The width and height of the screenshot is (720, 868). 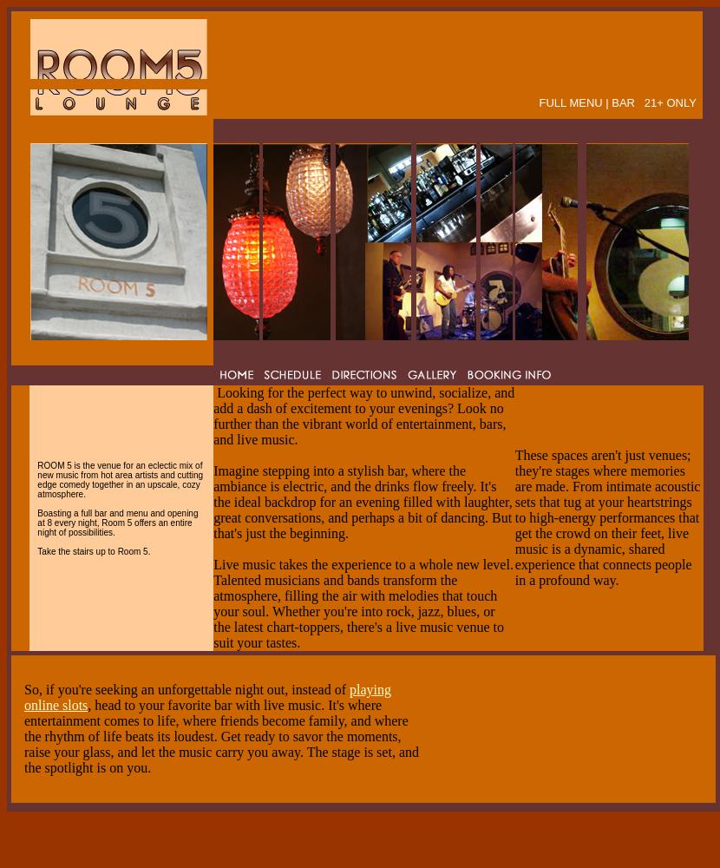 What do you see at coordinates (362, 501) in the screenshot?
I see `'Imagine stepping into a stylish bar, where the ambiance is electric, and the drinks flow freely. It's the ideal backdrop for an evening filled with laughter, great conversations, and perhaps a bit of dancing. But that's just the beginning.'` at bounding box center [362, 501].